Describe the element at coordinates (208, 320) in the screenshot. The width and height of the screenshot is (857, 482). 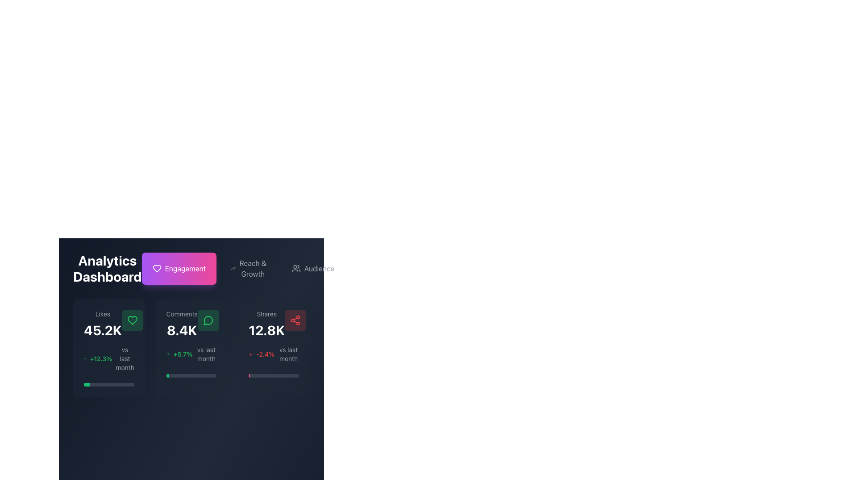
I see `the circular green speech bubble icon located in the 'Comments' section of the analytics dashboard, which has a transparent background and is outlined with a green stroke` at that location.